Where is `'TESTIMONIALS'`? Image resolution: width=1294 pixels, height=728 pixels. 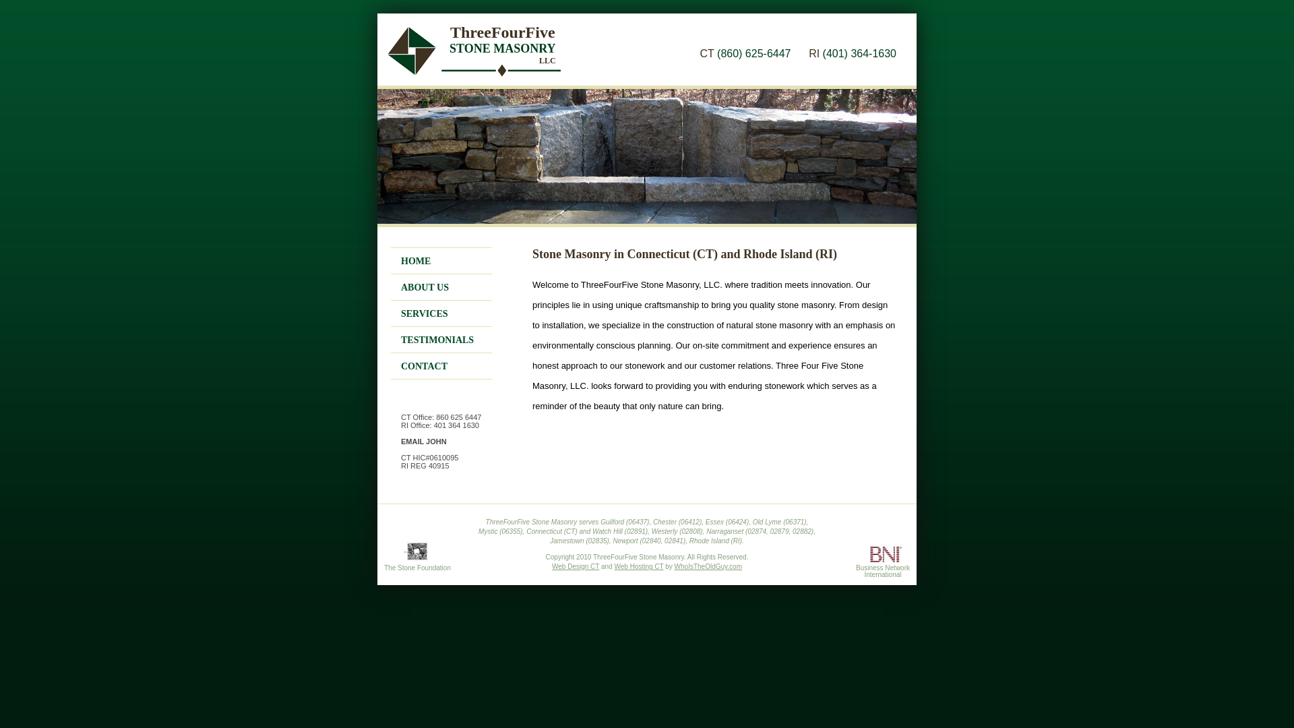 'TESTIMONIALS' is located at coordinates (439, 339).